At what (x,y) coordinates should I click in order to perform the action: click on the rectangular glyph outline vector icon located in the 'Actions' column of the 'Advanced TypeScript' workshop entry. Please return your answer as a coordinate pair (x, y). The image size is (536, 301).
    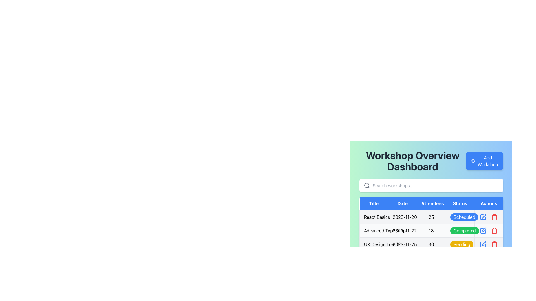
    Looking at the image, I should click on (483, 231).